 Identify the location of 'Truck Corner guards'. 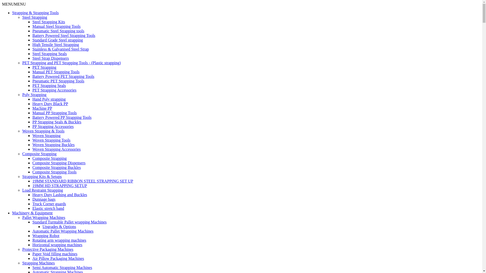
(49, 203).